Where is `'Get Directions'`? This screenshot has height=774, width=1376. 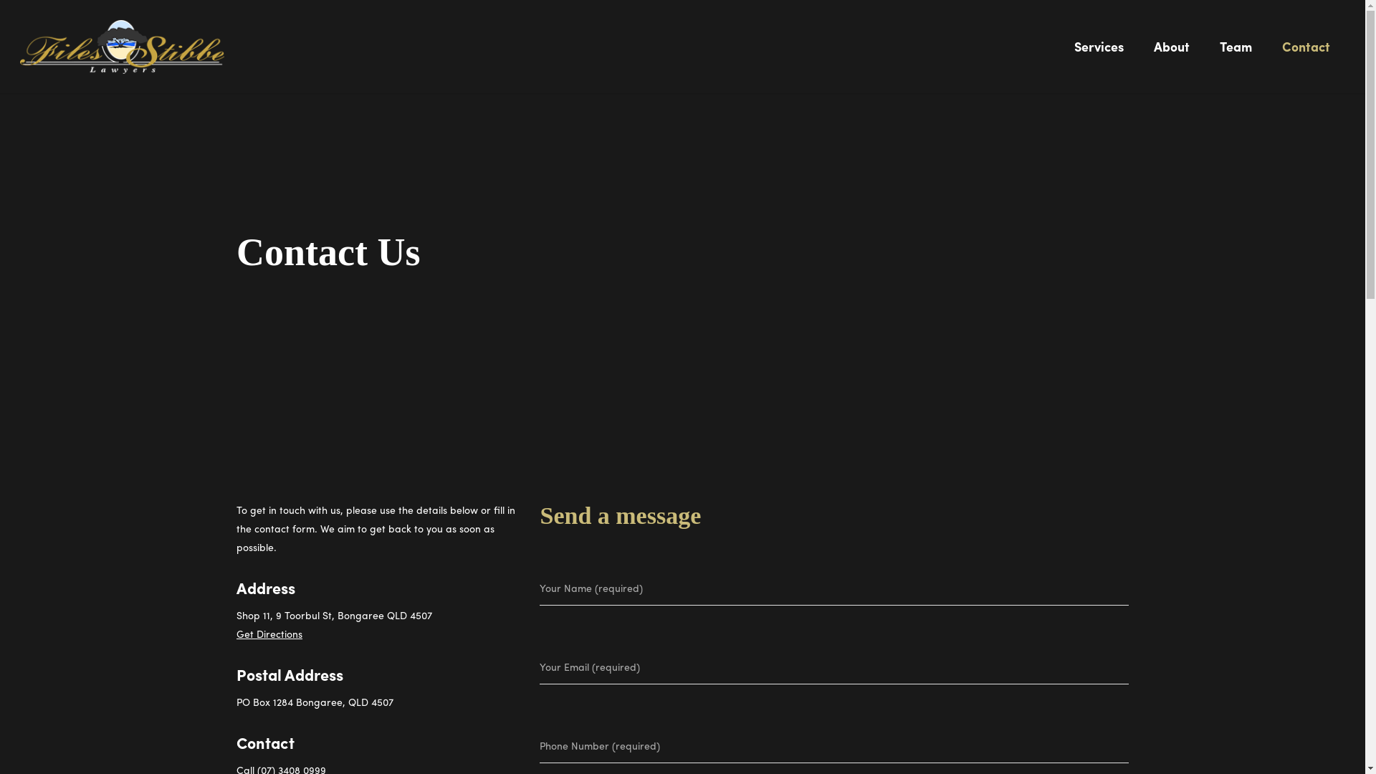
'Get Directions' is located at coordinates (269, 632).